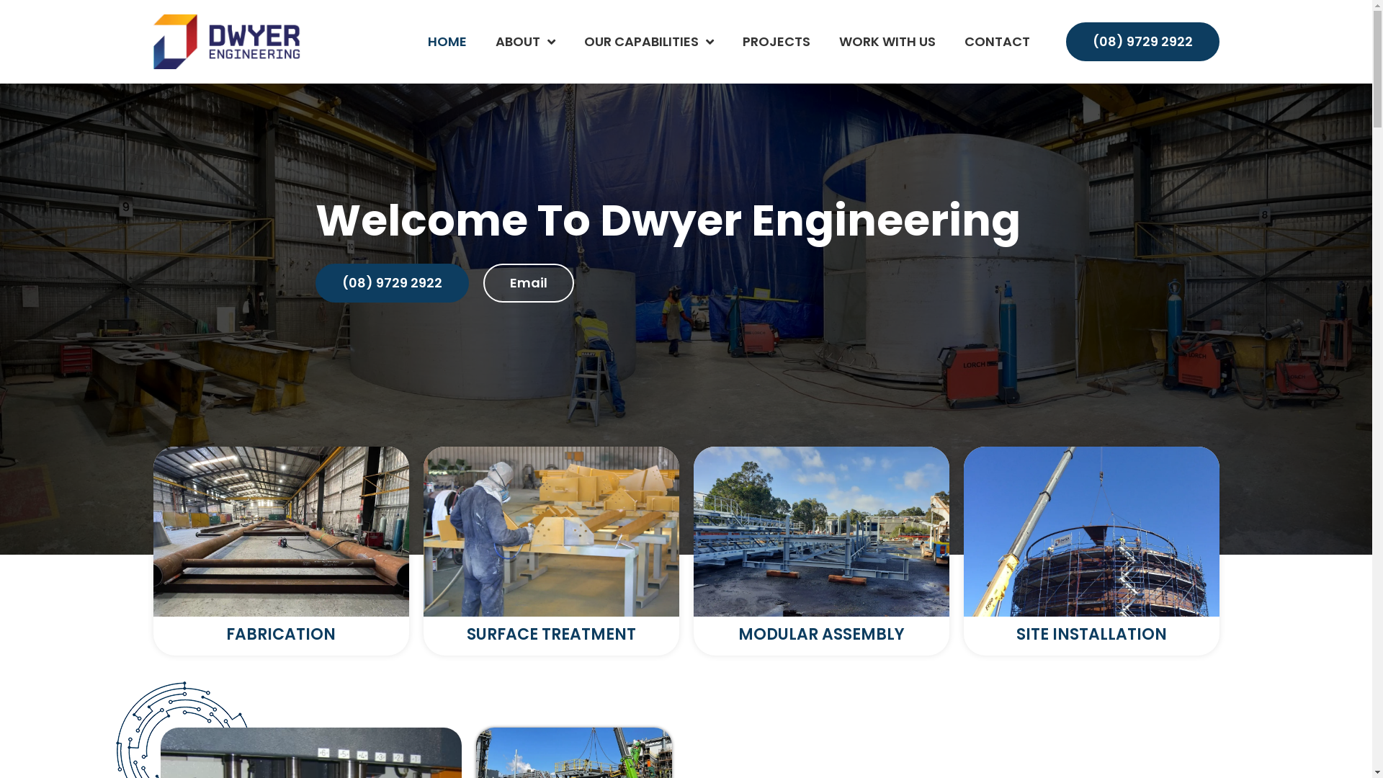 This screenshot has width=1383, height=778. I want to click on 'HOME', so click(446, 40).